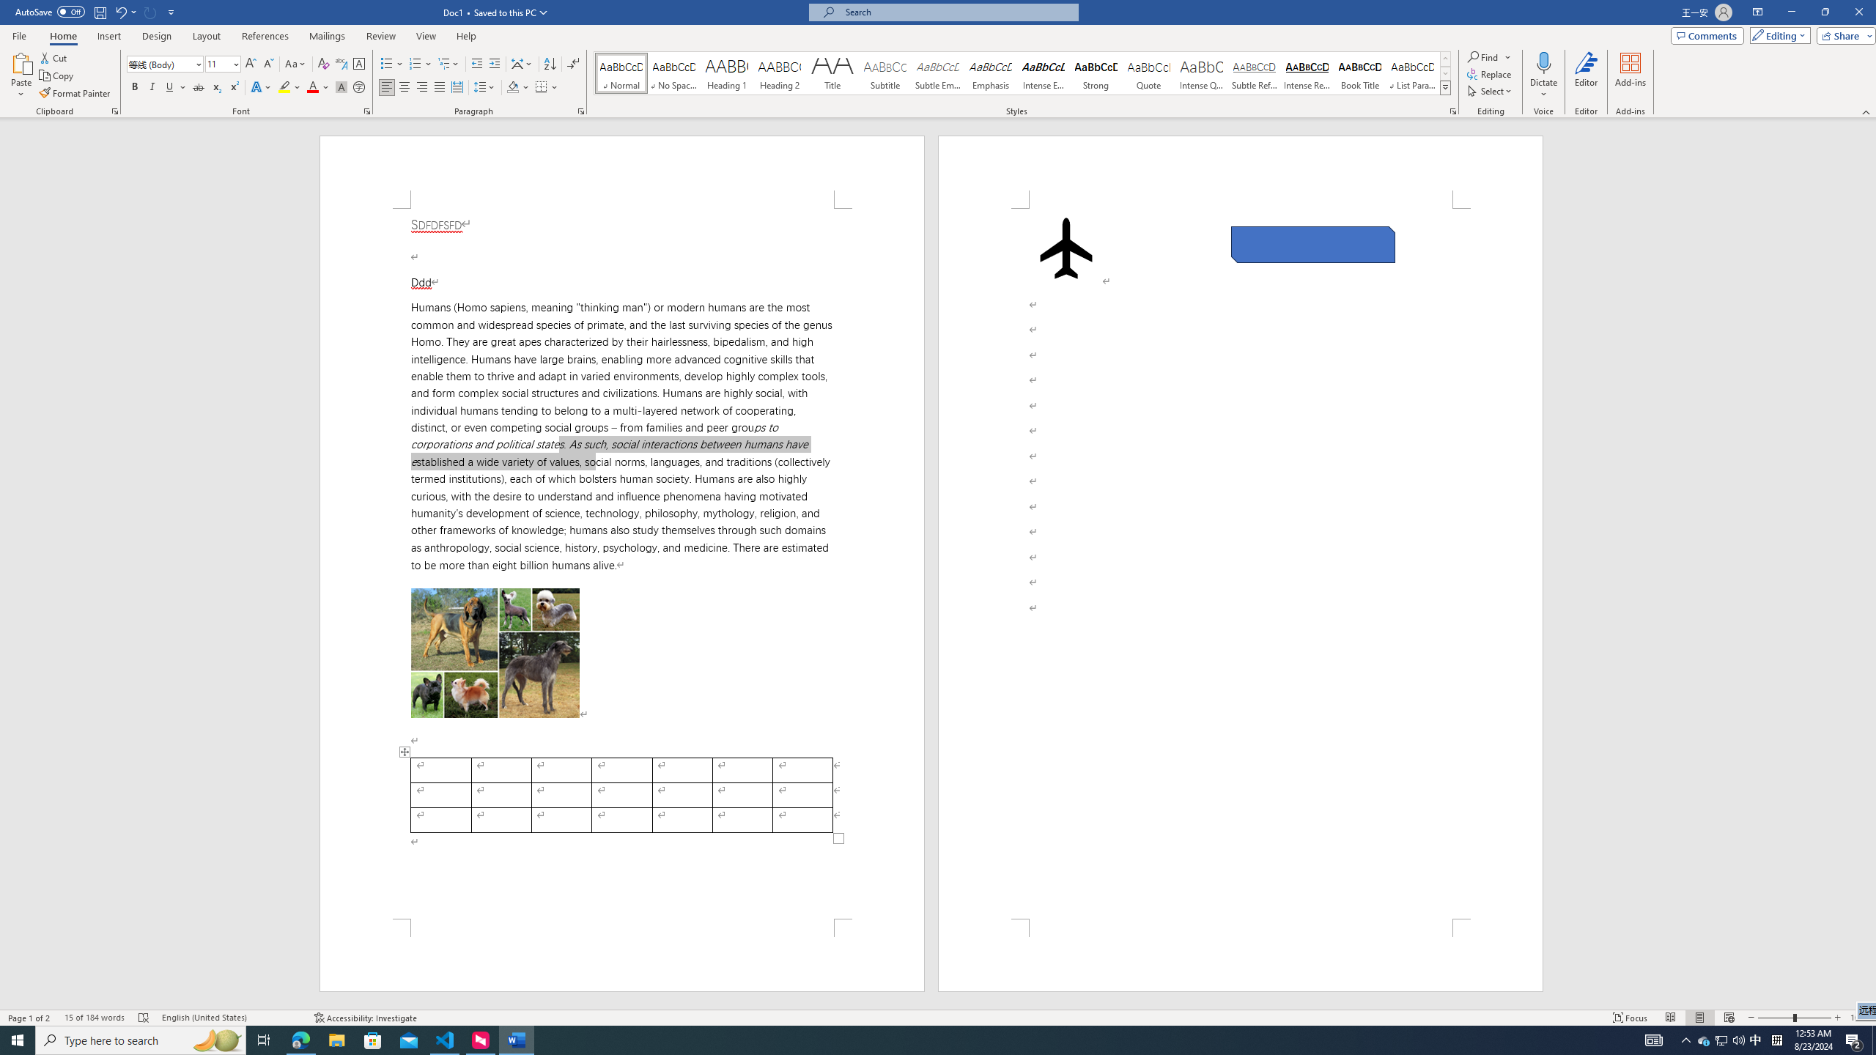  What do you see at coordinates (832, 73) in the screenshot?
I see `'Title'` at bounding box center [832, 73].